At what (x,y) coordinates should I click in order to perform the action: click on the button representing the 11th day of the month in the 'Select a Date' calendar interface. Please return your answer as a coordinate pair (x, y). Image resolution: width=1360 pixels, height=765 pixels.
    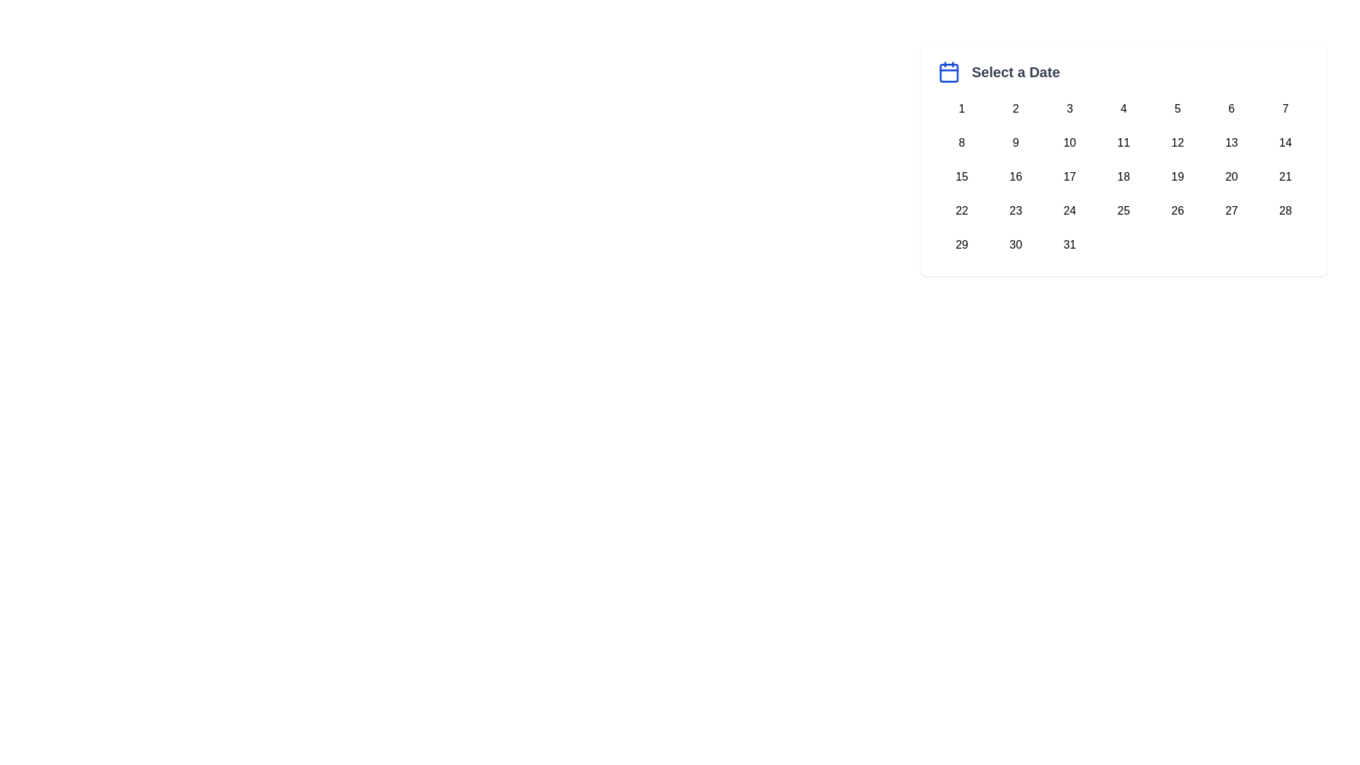
    Looking at the image, I should click on (1123, 142).